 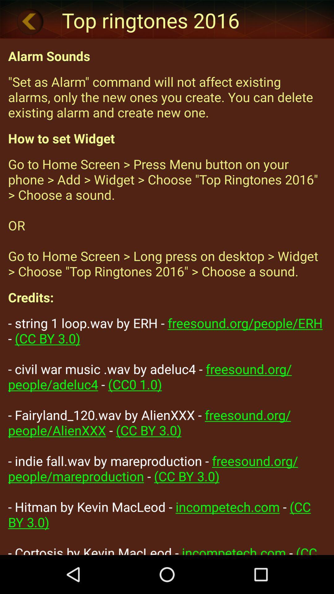 I want to click on item at the bottom, so click(x=167, y=434).